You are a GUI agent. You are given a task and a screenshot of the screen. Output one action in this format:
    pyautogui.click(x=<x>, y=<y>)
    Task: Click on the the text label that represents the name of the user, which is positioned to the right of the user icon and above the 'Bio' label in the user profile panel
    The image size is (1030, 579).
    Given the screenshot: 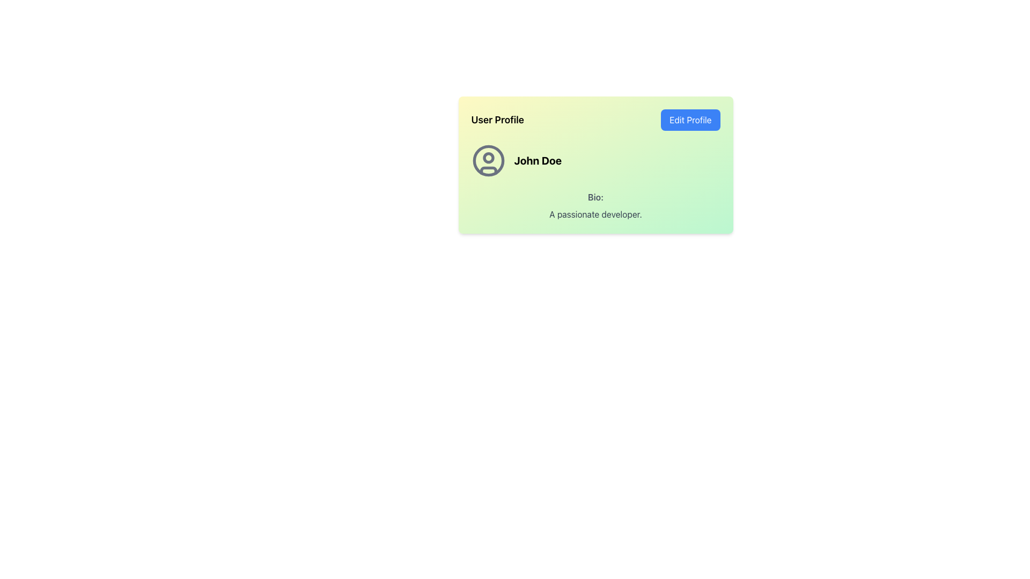 What is the action you would take?
    pyautogui.click(x=538, y=161)
    